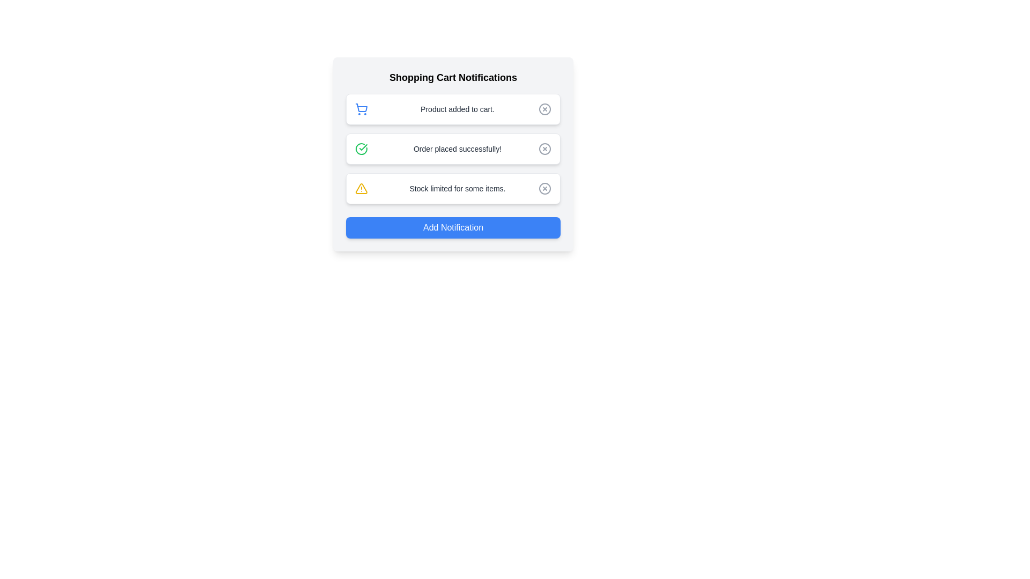  What do you see at coordinates (545, 109) in the screenshot?
I see `the dismissal button located on the top notification block of the 'Shopping Cart Notifications' panel, which is aligned to the right of the text 'Product added to cart'` at bounding box center [545, 109].